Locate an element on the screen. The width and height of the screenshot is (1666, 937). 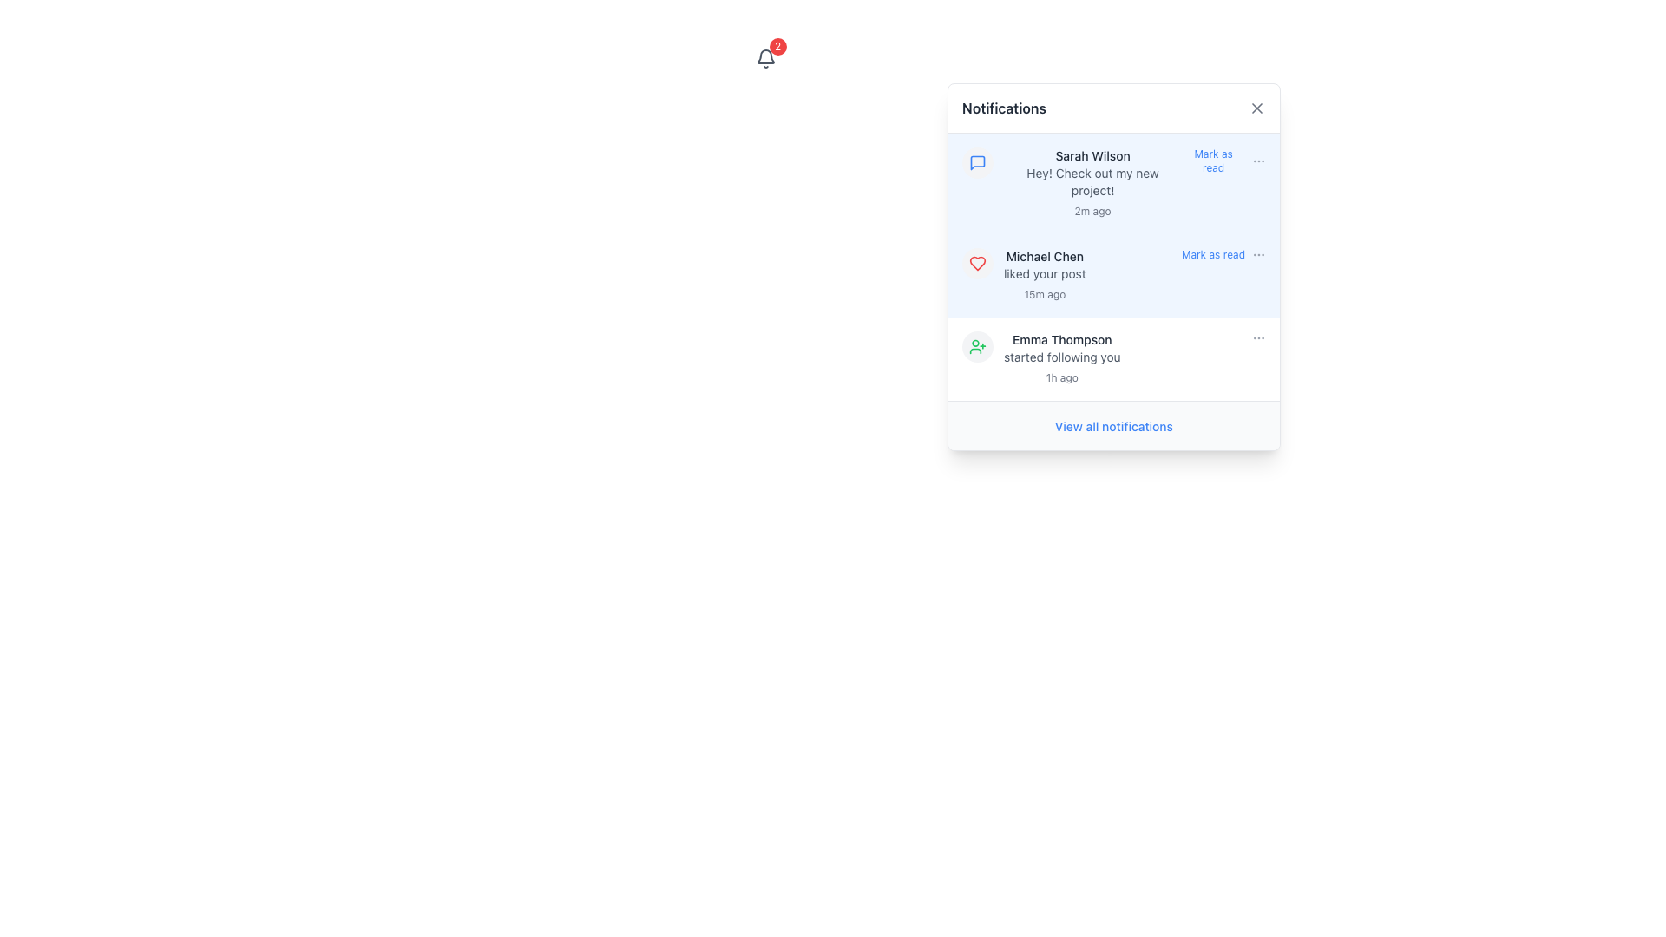
the text label displaying '2m ago' located in the lower right corner of the notification card underneath the title 'Sarah Wilson' is located at coordinates (1092, 210).